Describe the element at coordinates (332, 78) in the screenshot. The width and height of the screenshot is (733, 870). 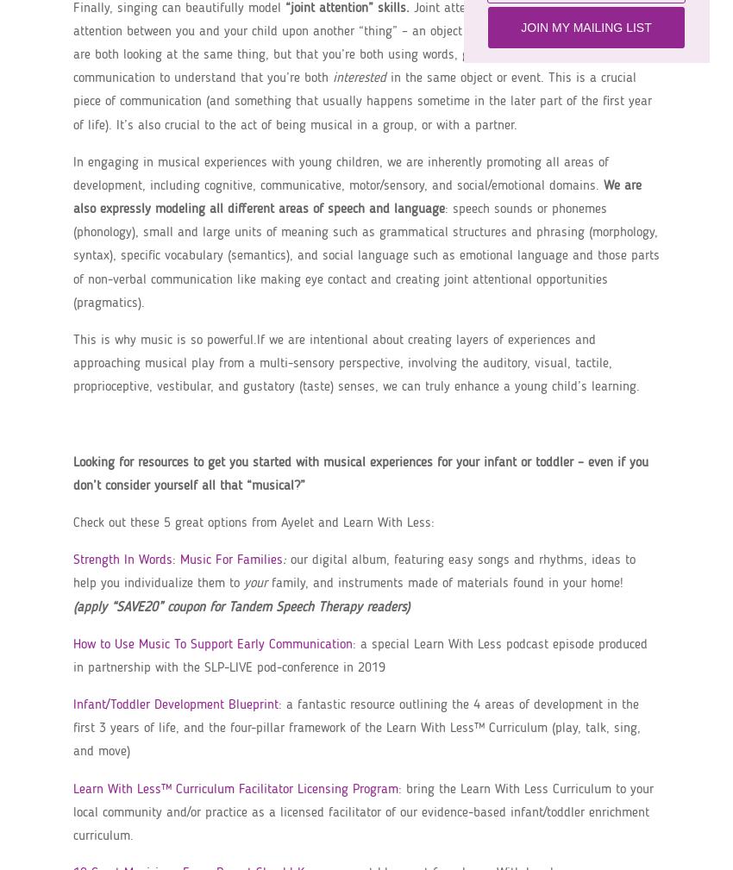
I see `'interested'` at that location.